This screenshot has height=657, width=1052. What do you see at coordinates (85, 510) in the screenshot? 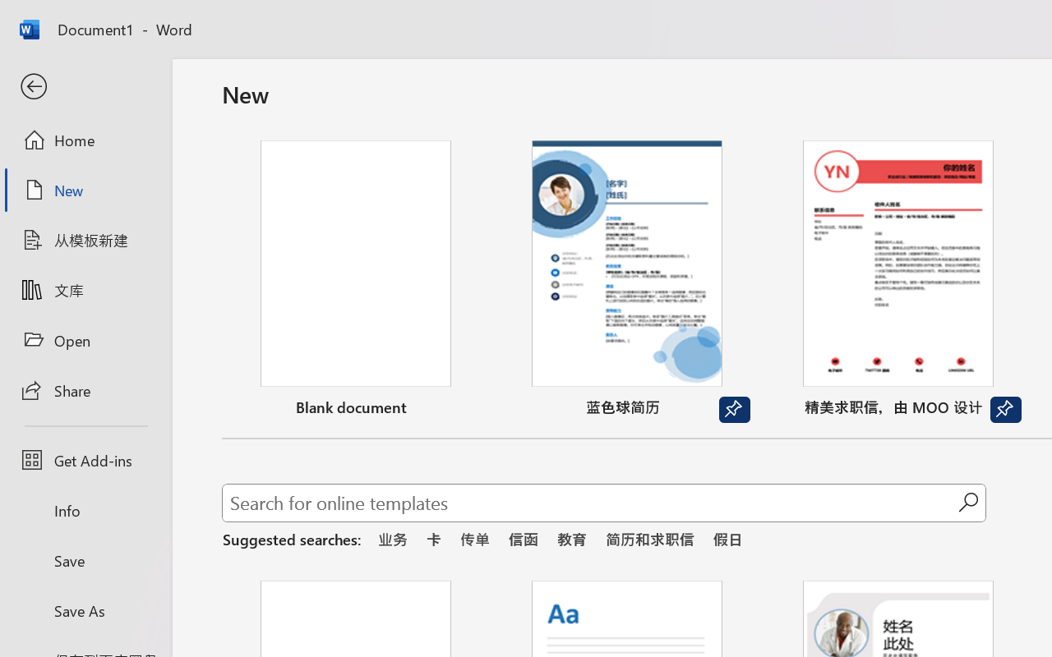
I see `'Info'` at bounding box center [85, 510].